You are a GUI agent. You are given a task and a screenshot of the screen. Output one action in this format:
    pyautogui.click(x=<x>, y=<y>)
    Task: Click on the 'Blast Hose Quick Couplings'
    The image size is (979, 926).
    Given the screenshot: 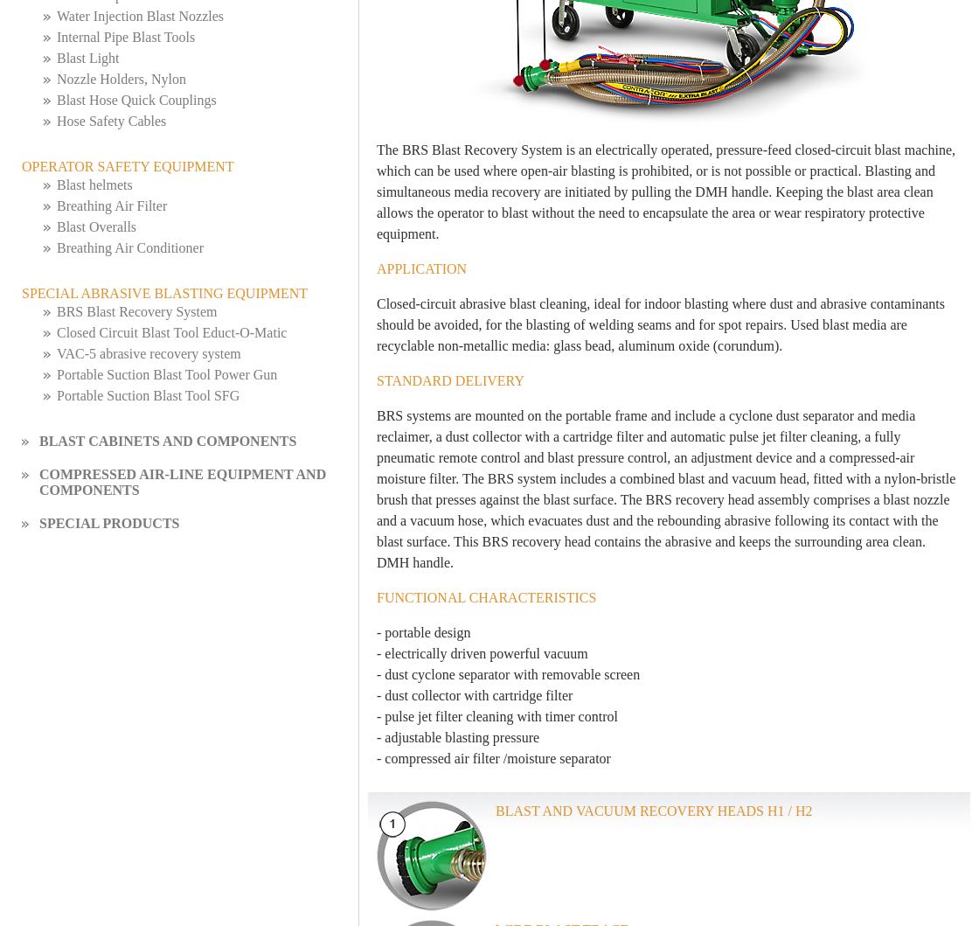 What is the action you would take?
    pyautogui.click(x=136, y=99)
    